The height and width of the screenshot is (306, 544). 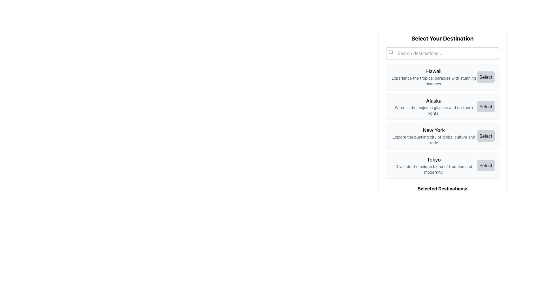 What do you see at coordinates (433, 169) in the screenshot?
I see `the text label displaying 'Dive into the unique blend of tradition and modernity.' positioned beneath the title 'Tokyo'` at bounding box center [433, 169].